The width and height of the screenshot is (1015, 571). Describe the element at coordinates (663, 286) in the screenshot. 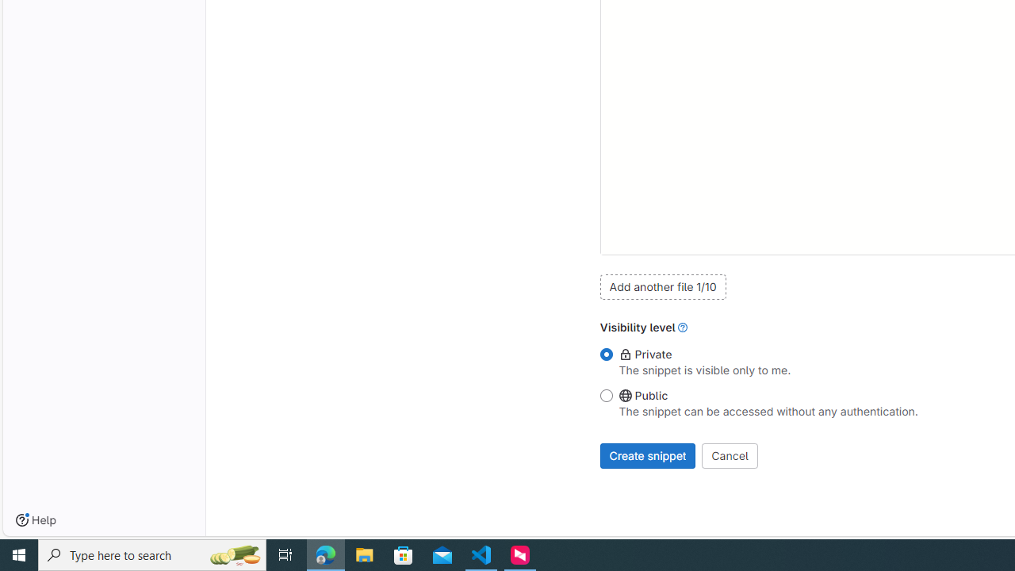

I see `'Add another file 1/10'` at that location.